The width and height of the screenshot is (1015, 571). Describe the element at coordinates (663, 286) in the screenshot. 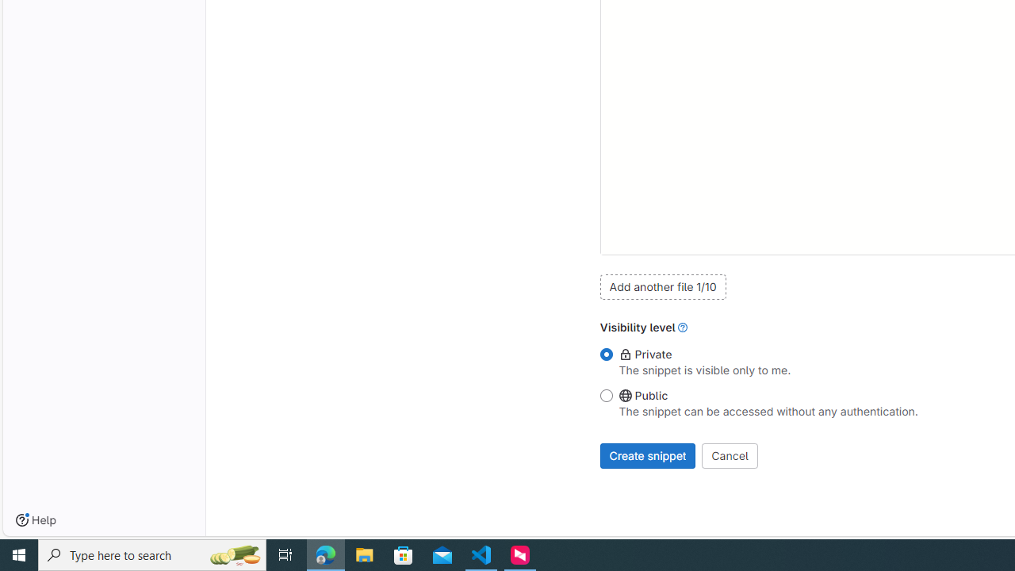

I see `'Add another file 1/10'` at that location.